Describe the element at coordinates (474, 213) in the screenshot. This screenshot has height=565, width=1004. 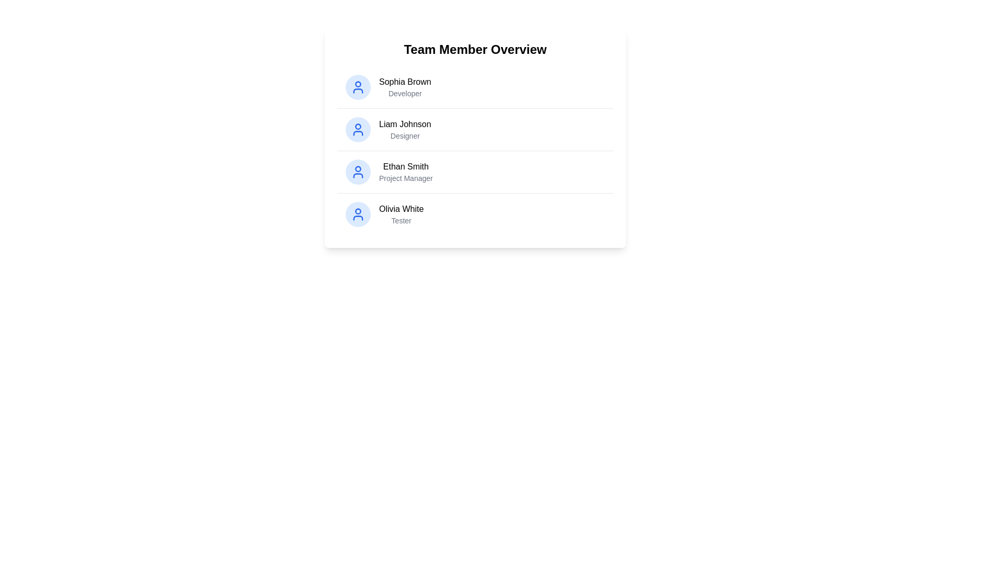
I see `the fourth list item in the 'Team Member Overview' section, which displays the details of Olivia White` at that location.